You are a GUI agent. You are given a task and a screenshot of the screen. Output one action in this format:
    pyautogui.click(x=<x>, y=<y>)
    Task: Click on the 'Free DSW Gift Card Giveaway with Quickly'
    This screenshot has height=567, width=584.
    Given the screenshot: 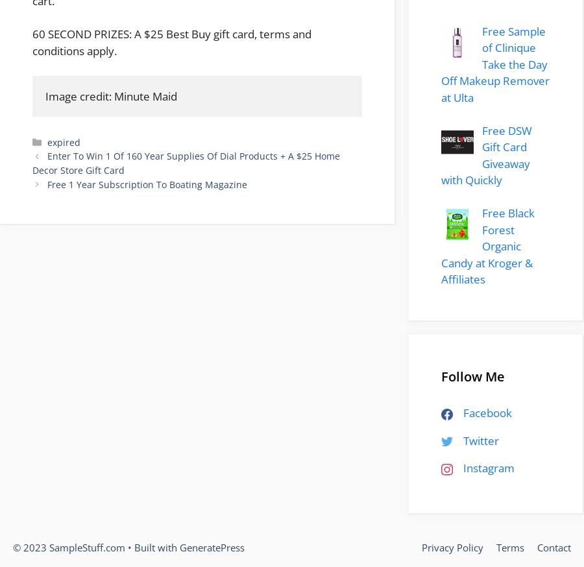 What is the action you would take?
    pyautogui.click(x=485, y=155)
    